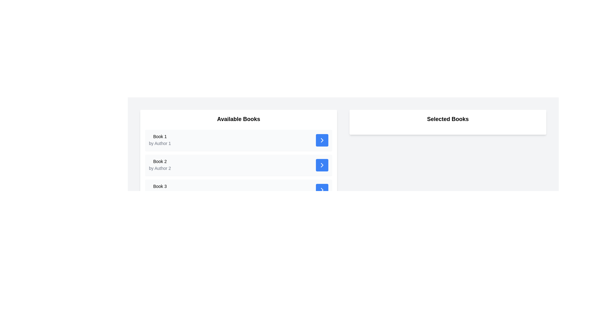  I want to click on the text label 'Book 1' which identifies the title of the first book in the list of available books, so click(160, 136).